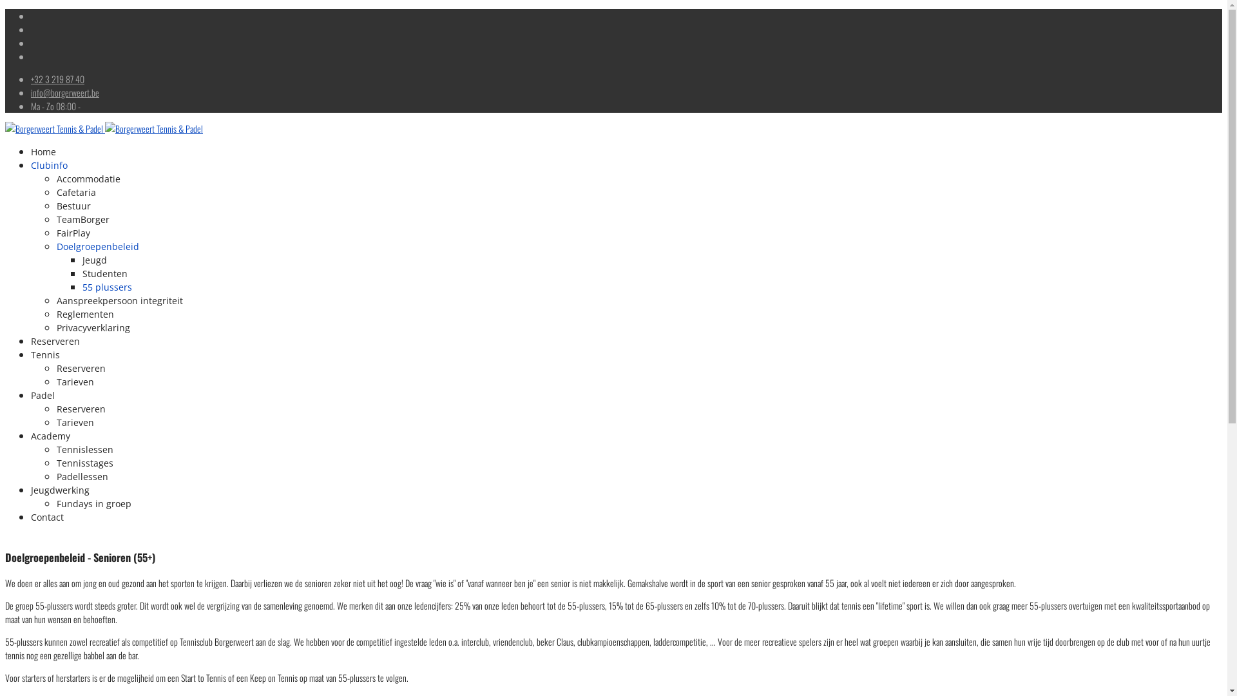 This screenshot has width=1237, height=696. Describe the element at coordinates (43, 151) in the screenshot. I see `'Home'` at that location.